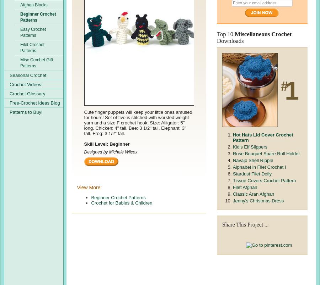 The height and width of the screenshot is (285, 320). Describe the element at coordinates (282, 86) in the screenshot. I see `'#'` at that location.